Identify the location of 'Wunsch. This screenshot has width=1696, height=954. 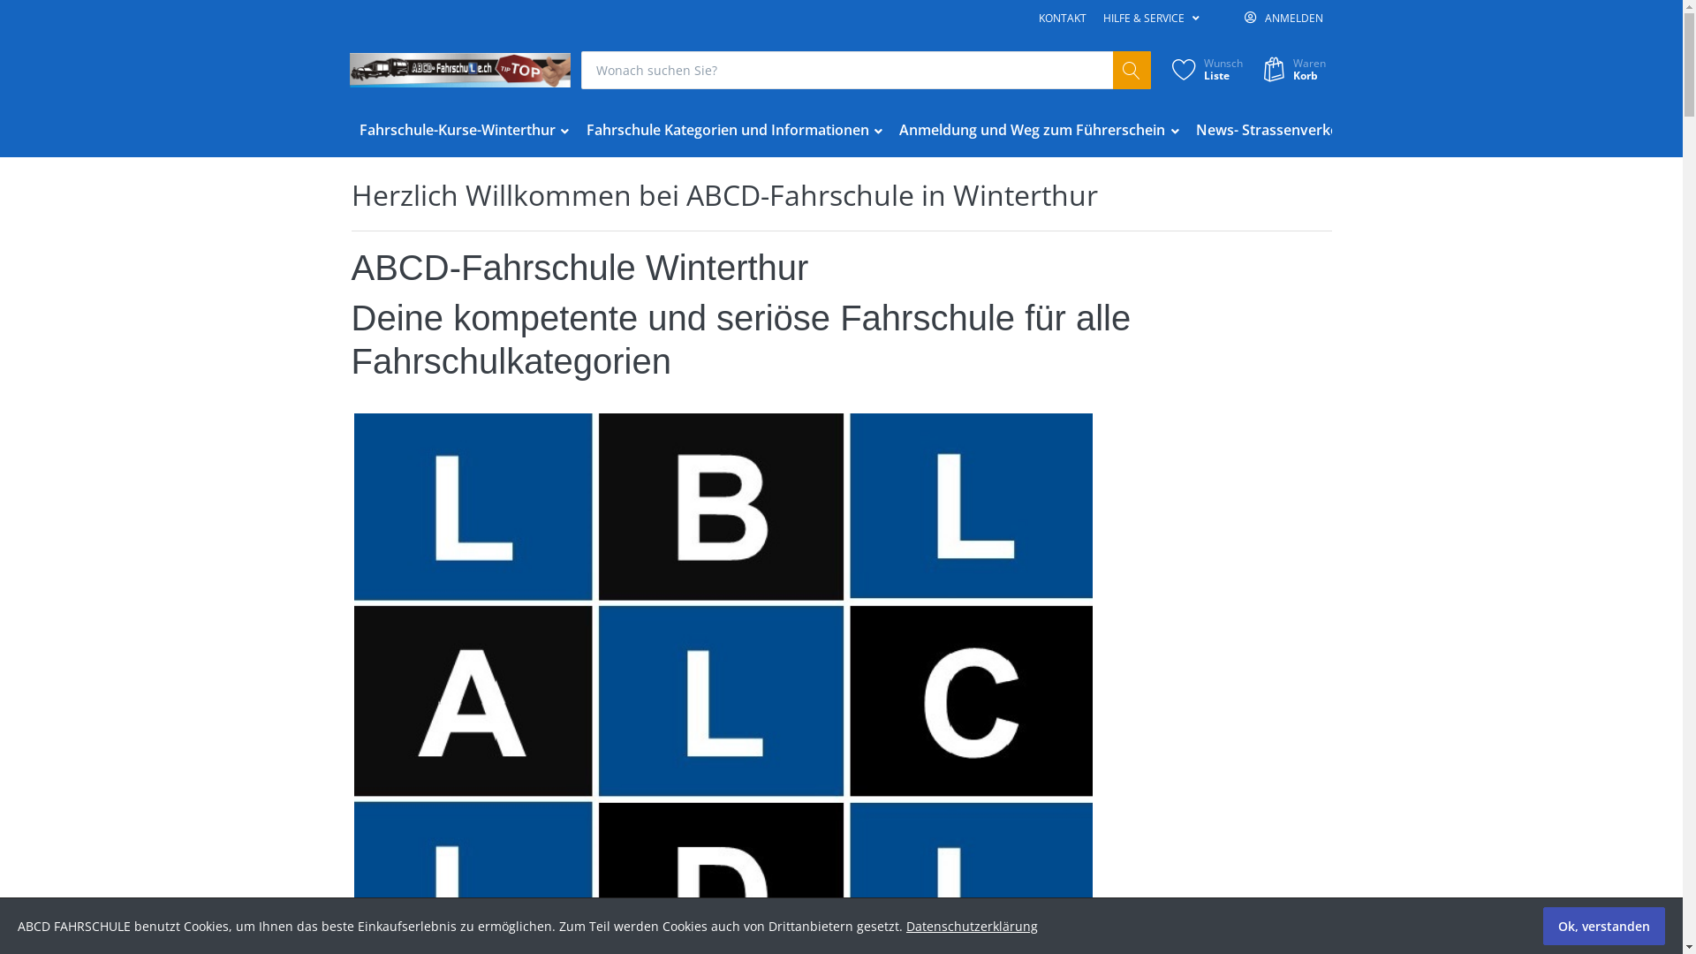
(1204, 69).